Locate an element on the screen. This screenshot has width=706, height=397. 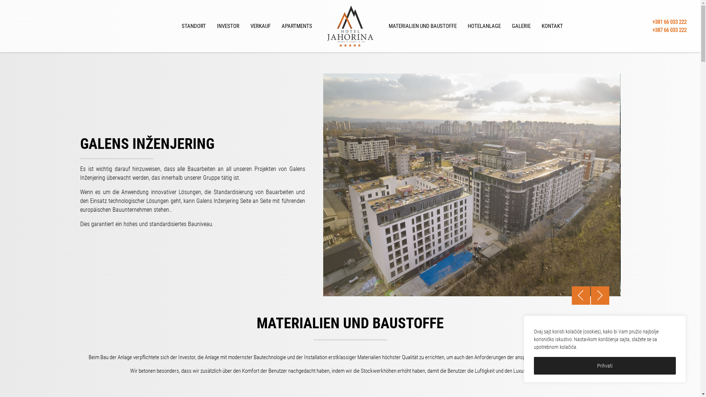
'Prihvati' is located at coordinates (605, 366).